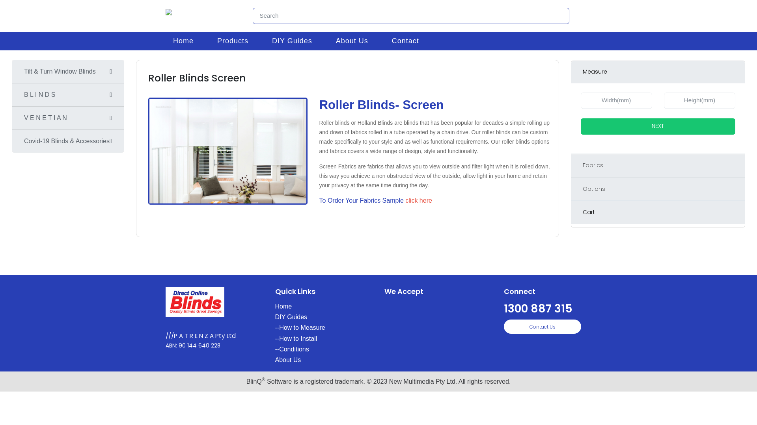 Image resolution: width=757 pixels, height=425 pixels. I want to click on 'About Us', so click(351, 41).